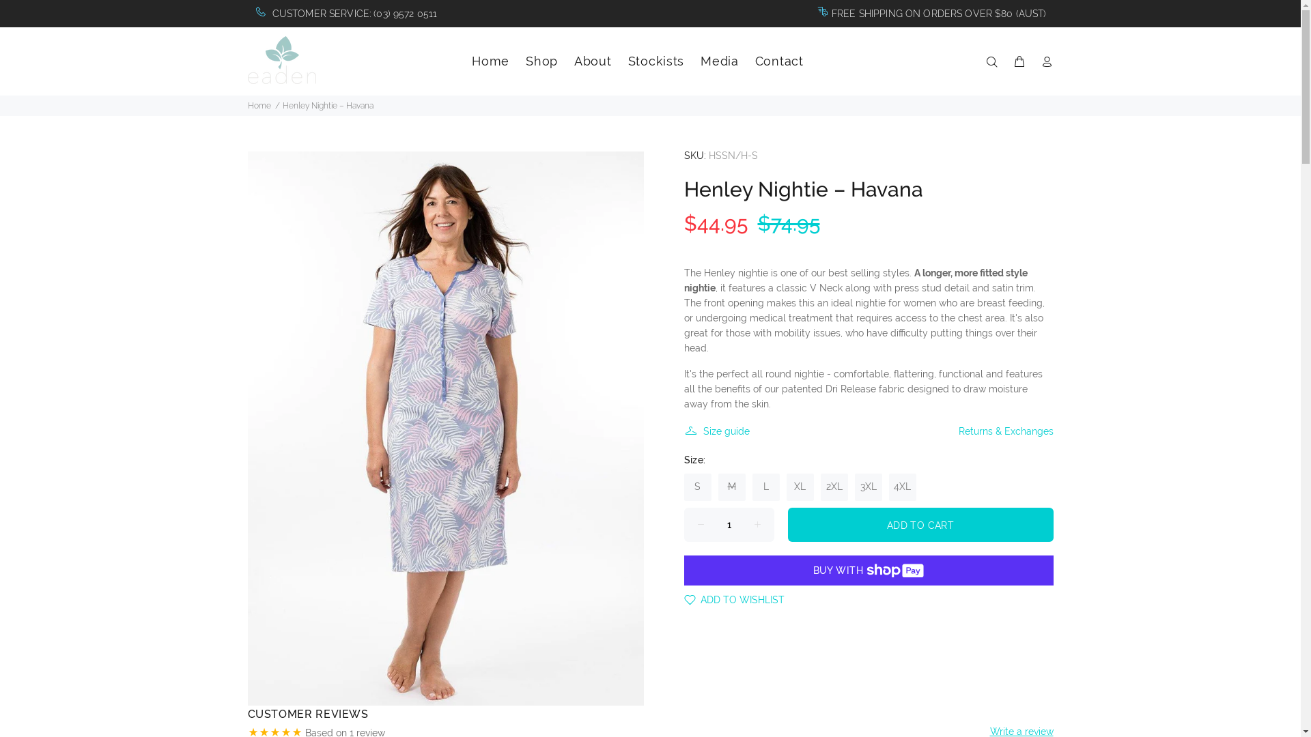 The height and width of the screenshot is (737, 1311). What do you see at coordinates (684, 431) in the screenshot?
I see `'Size guide'` at bounding box center [684, 431].